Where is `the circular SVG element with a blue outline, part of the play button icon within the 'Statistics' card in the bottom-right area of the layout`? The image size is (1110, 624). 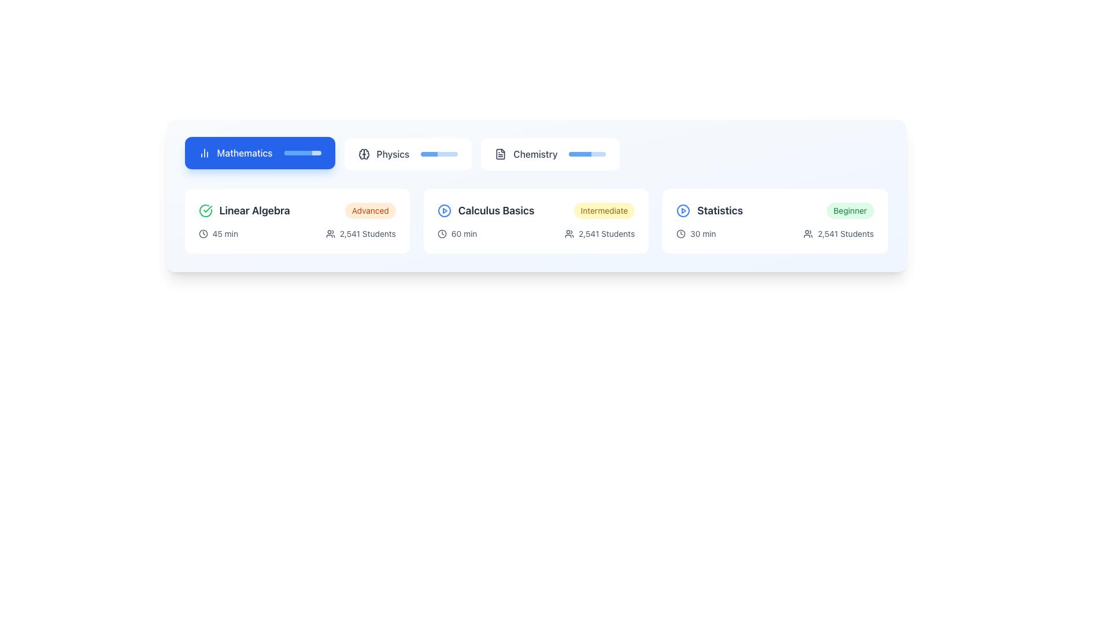 the circular SVG element with a blue outline, part of the play button icon within the 'Statistics' card in the bottom-right area of the layout is located at coordinates (683, 211).